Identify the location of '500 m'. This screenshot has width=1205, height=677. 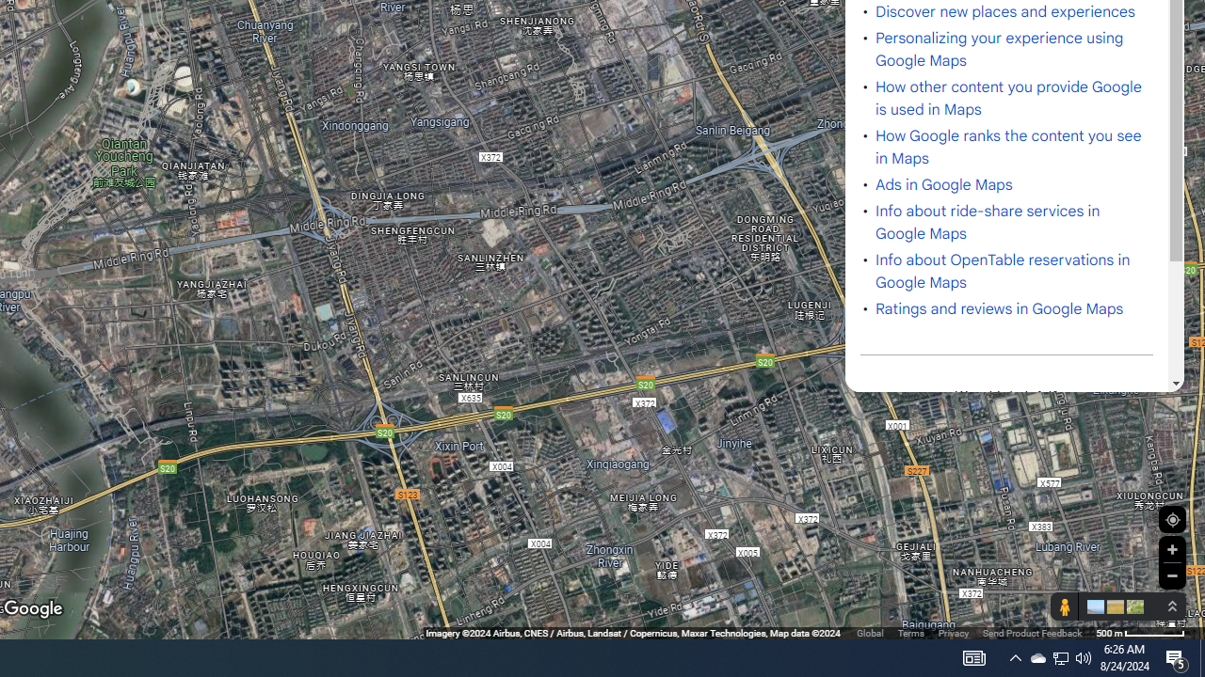
(1139, 633).